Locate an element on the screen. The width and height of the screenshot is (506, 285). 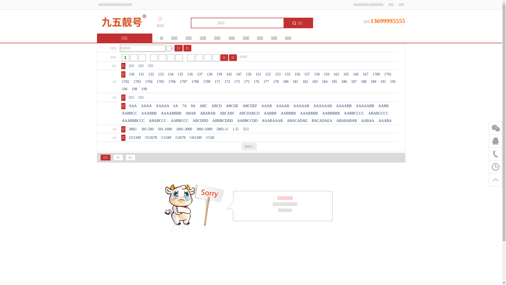
'138' is located at coordinates (209, 74).